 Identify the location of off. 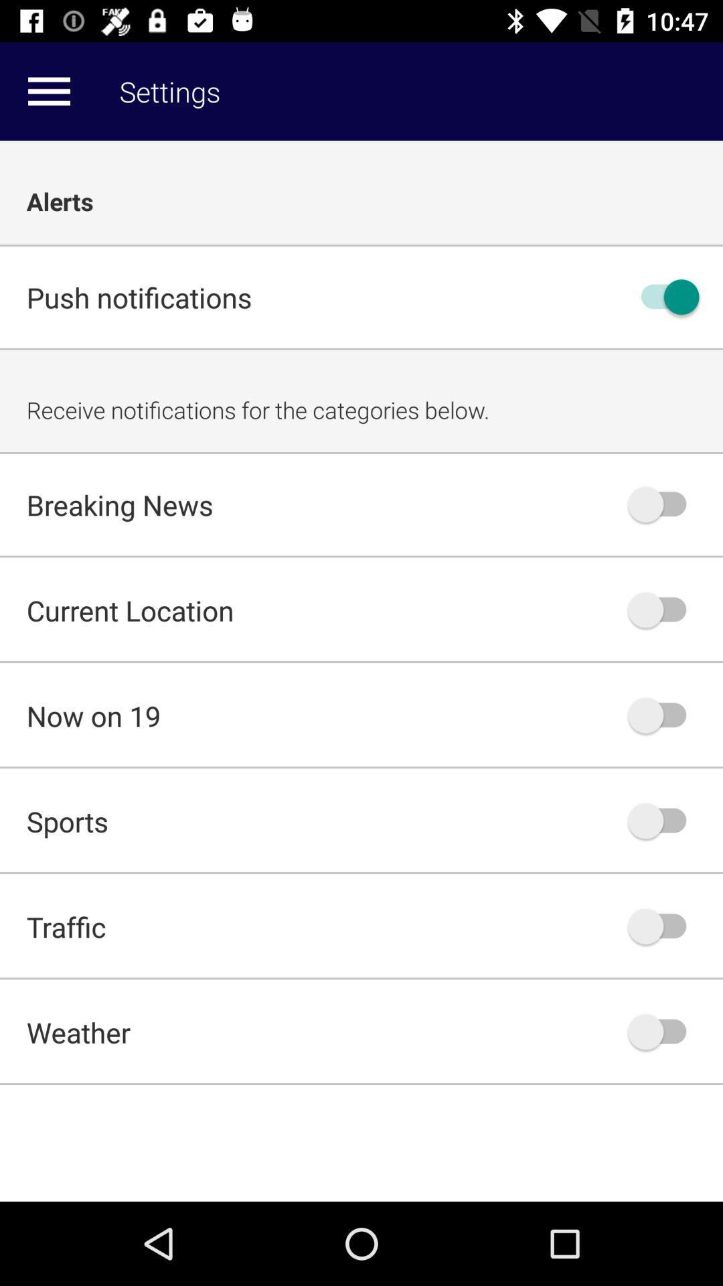
(663, 296).